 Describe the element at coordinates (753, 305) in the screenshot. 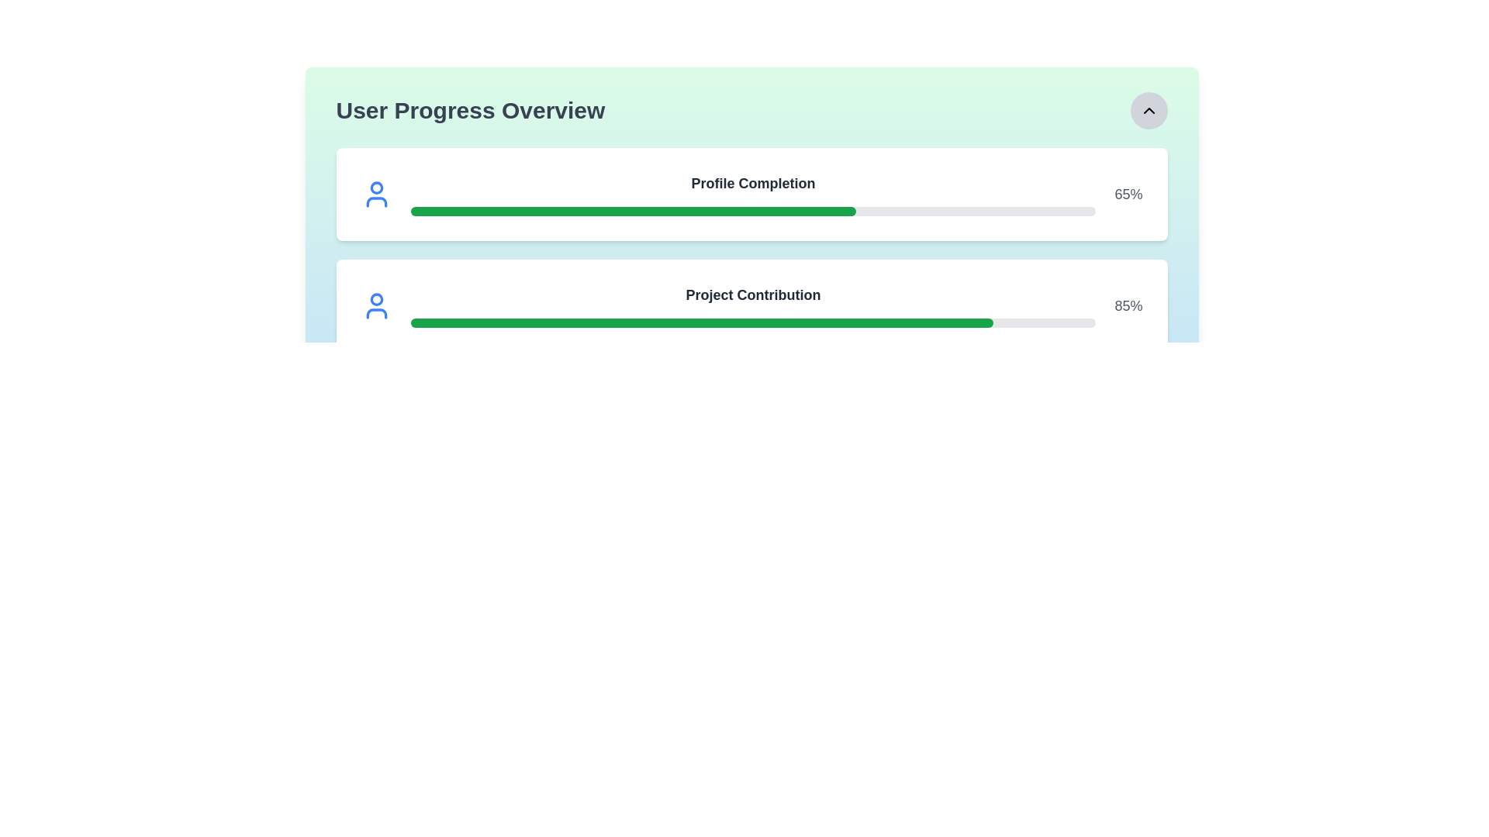

I see `the descriptive text label indicating 'Project Contribution' located above the progress bar in the second card of the vertical list layout` at that location.